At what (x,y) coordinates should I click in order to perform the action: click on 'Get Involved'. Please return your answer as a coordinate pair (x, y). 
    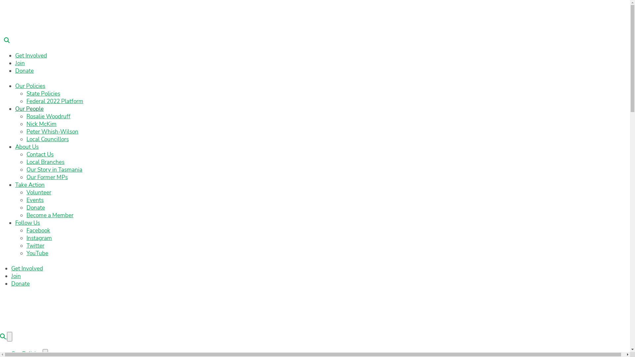
    Looking at the image, I should click on (26, 268).